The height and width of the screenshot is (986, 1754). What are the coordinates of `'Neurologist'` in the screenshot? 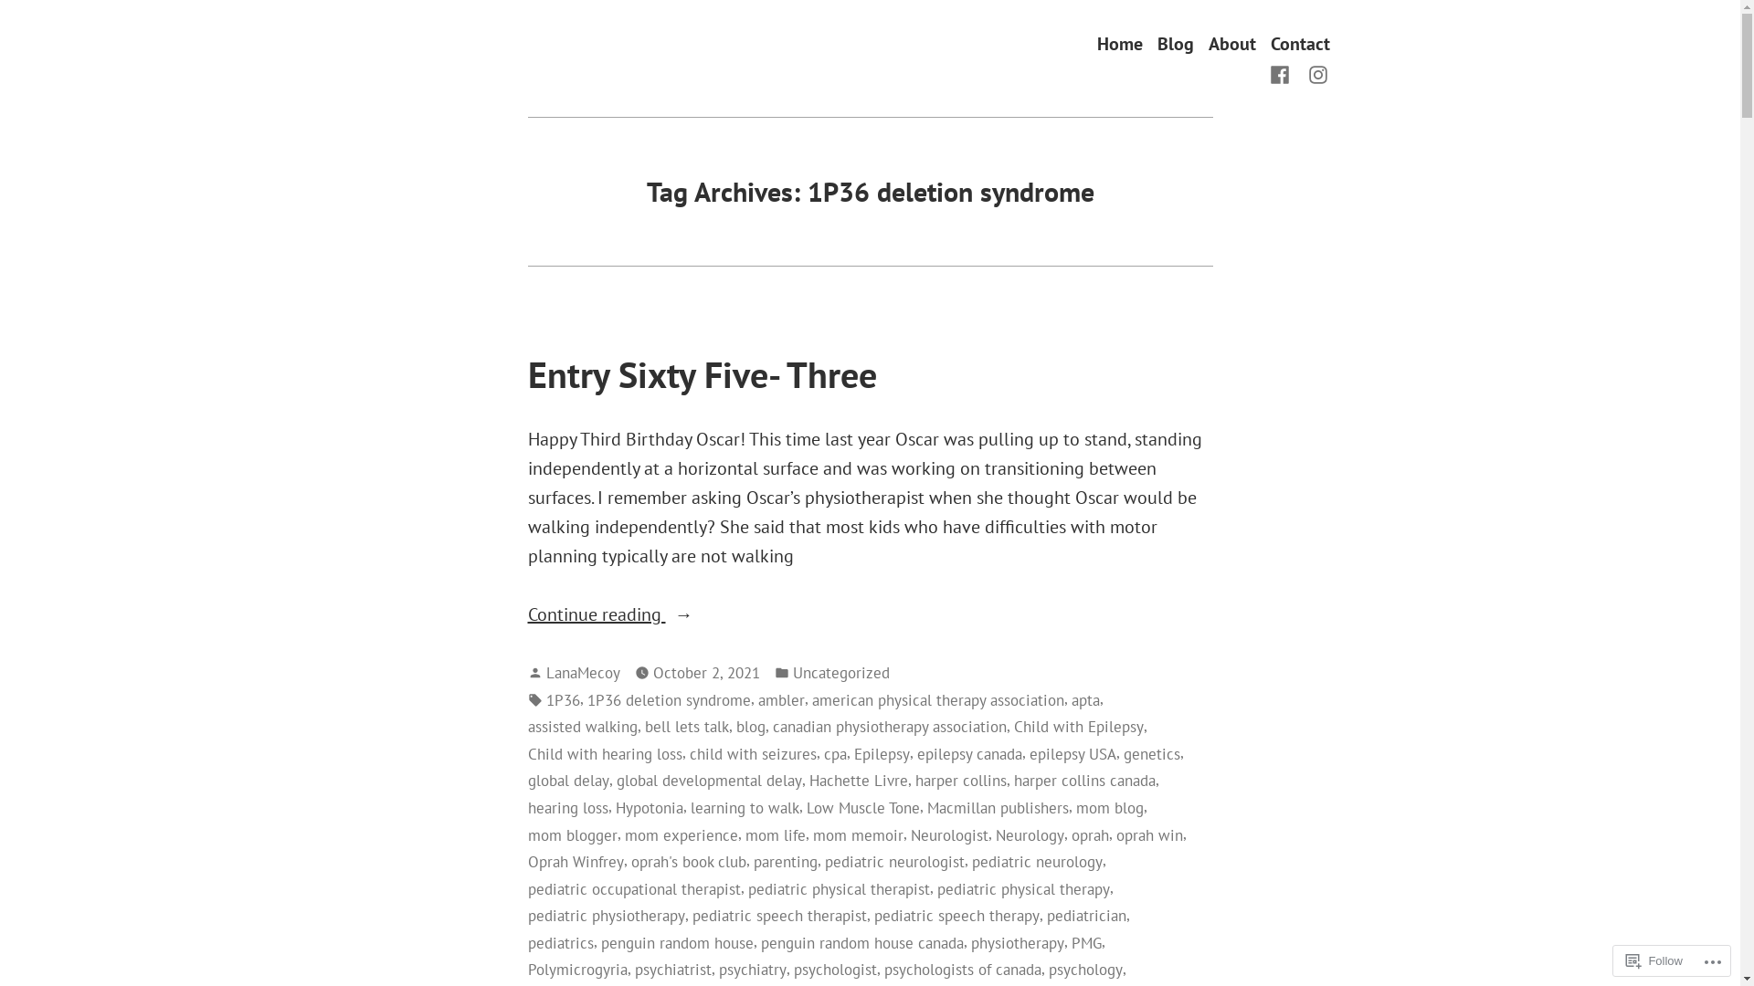 It's located at (910, 834).